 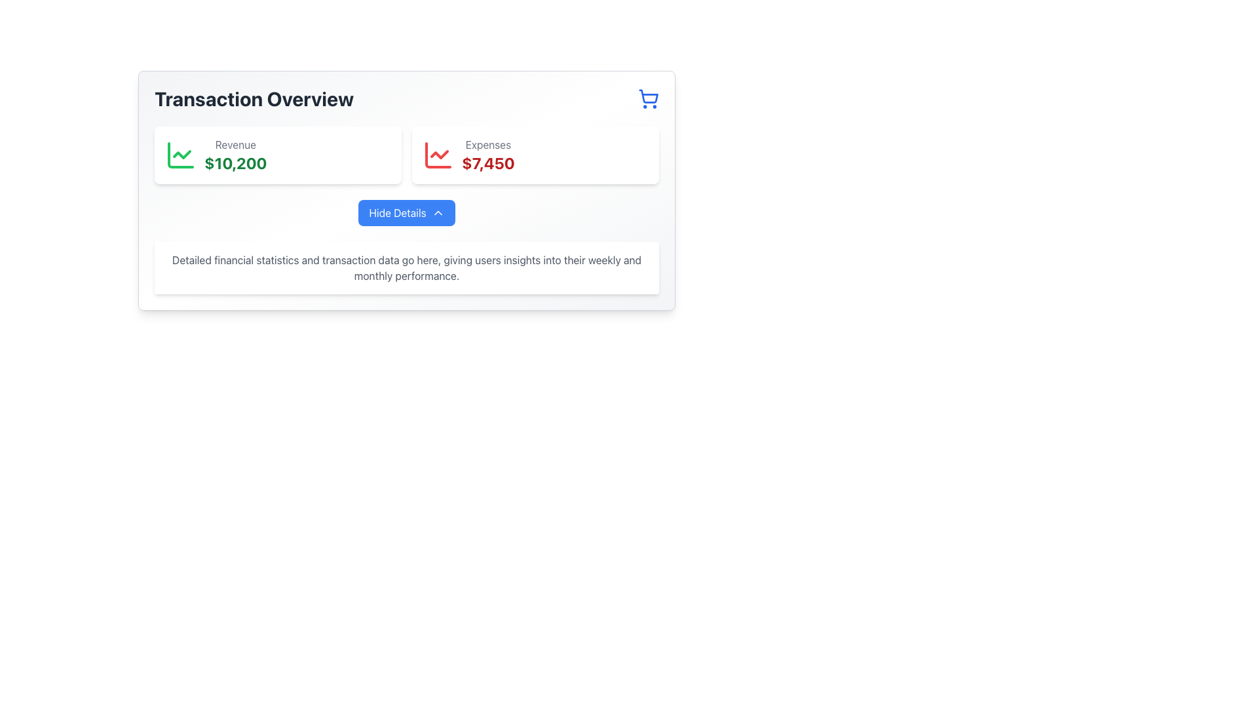 I want to click on the chevron-up icon of the 'Hide Details' button, which is located centrally below the financial statistics section and above the detailed financial information text, so click(x=438, y=212).